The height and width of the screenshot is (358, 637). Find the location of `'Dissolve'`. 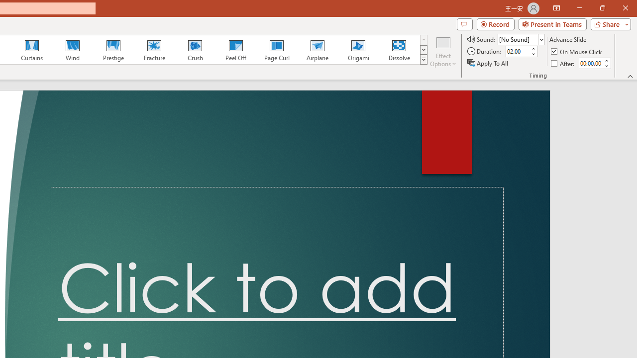

'Dissolve' is located at coordinates (399, 50).